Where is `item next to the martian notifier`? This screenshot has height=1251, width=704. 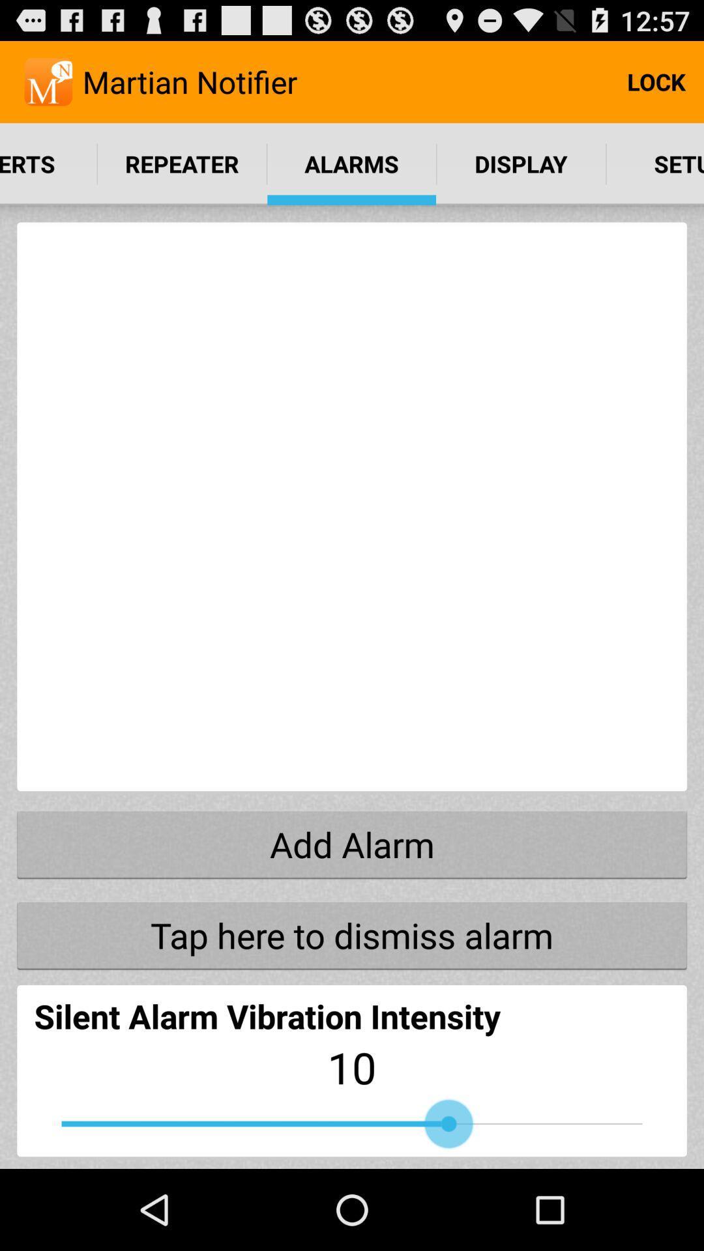 item next to the martian notifier is located at coordinates (656, 81).